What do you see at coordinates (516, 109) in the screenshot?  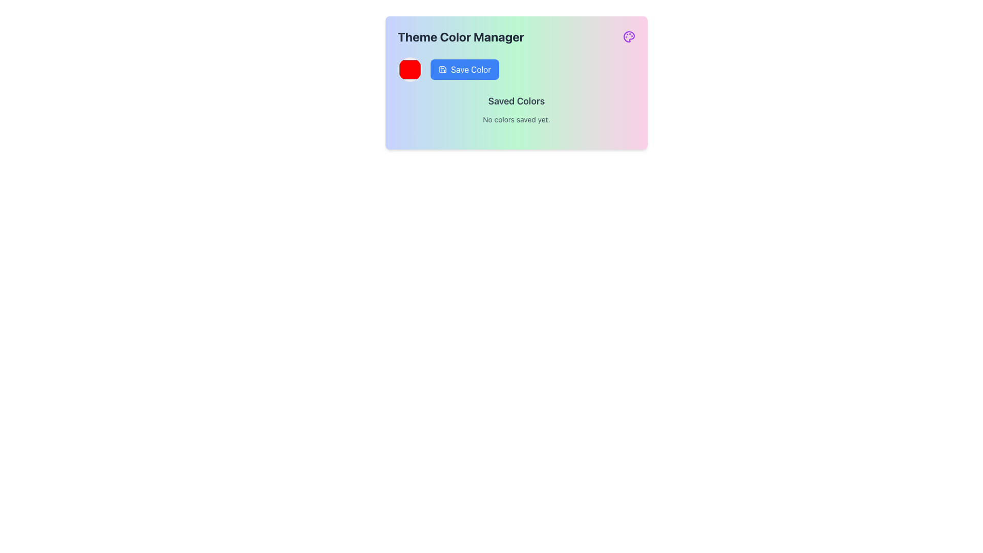 I see `text displayed in the 'Saved Colors' section, which shows 'No colors saved yet.'` at bounding box center [516, 109].